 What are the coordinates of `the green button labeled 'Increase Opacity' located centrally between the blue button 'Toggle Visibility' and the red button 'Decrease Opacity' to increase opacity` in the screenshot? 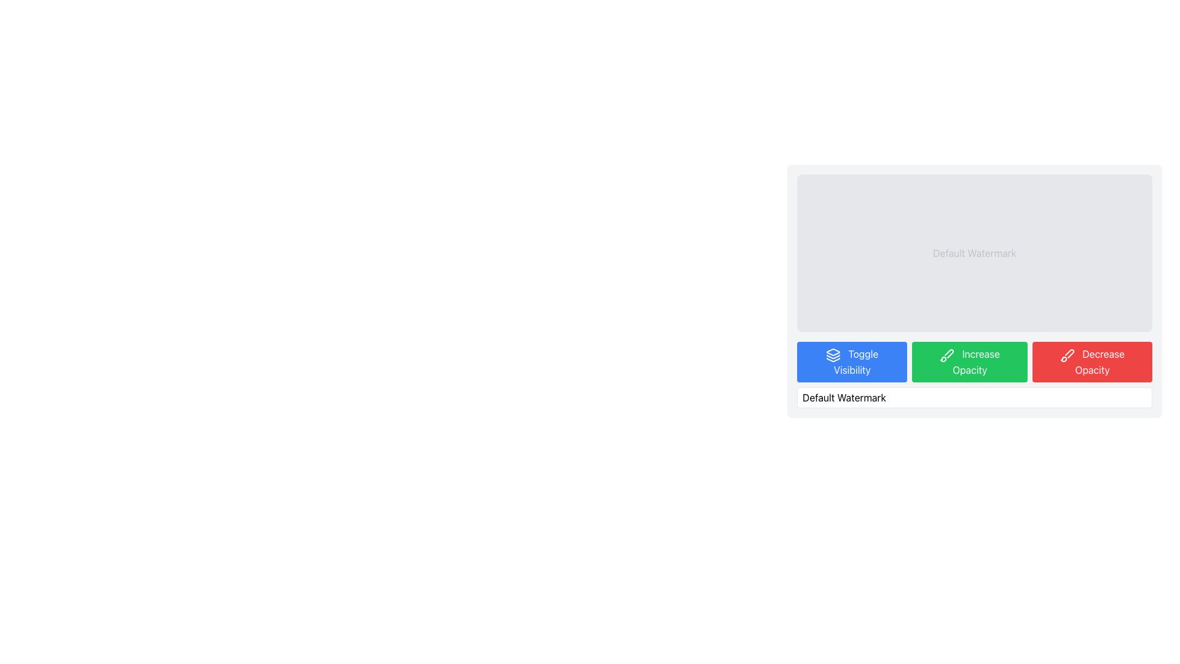 It's located at (974, 374).